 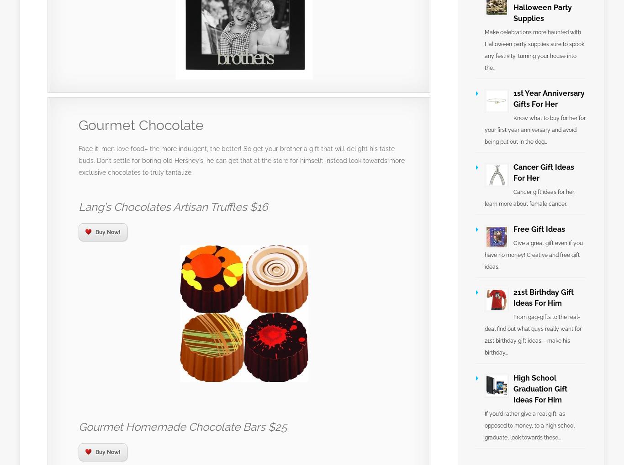 What do you see at coordinates (530, 198) in the screenshot?
I see `'Cancer gift ideas for her; learn more about female cancer.'` at bounding box center [530, 198].